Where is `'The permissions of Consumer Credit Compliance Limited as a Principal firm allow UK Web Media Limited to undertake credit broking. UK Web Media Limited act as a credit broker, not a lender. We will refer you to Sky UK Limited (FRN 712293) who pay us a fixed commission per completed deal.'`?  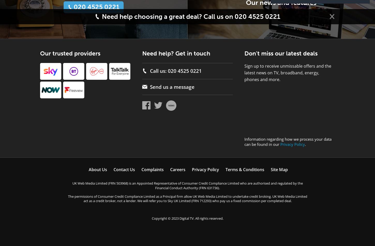
'The permissions of Consumer Credit Compliance Limited as a Principal firm allow UK Web Media Limited to undertake credit broking. UK Web Media Limited act as a credit broker, not a lender. We will refer you to Sky UK Limited (FRN 712293) who pay us a fixed commission per completed deal.' is located at coordinates (187, 199).